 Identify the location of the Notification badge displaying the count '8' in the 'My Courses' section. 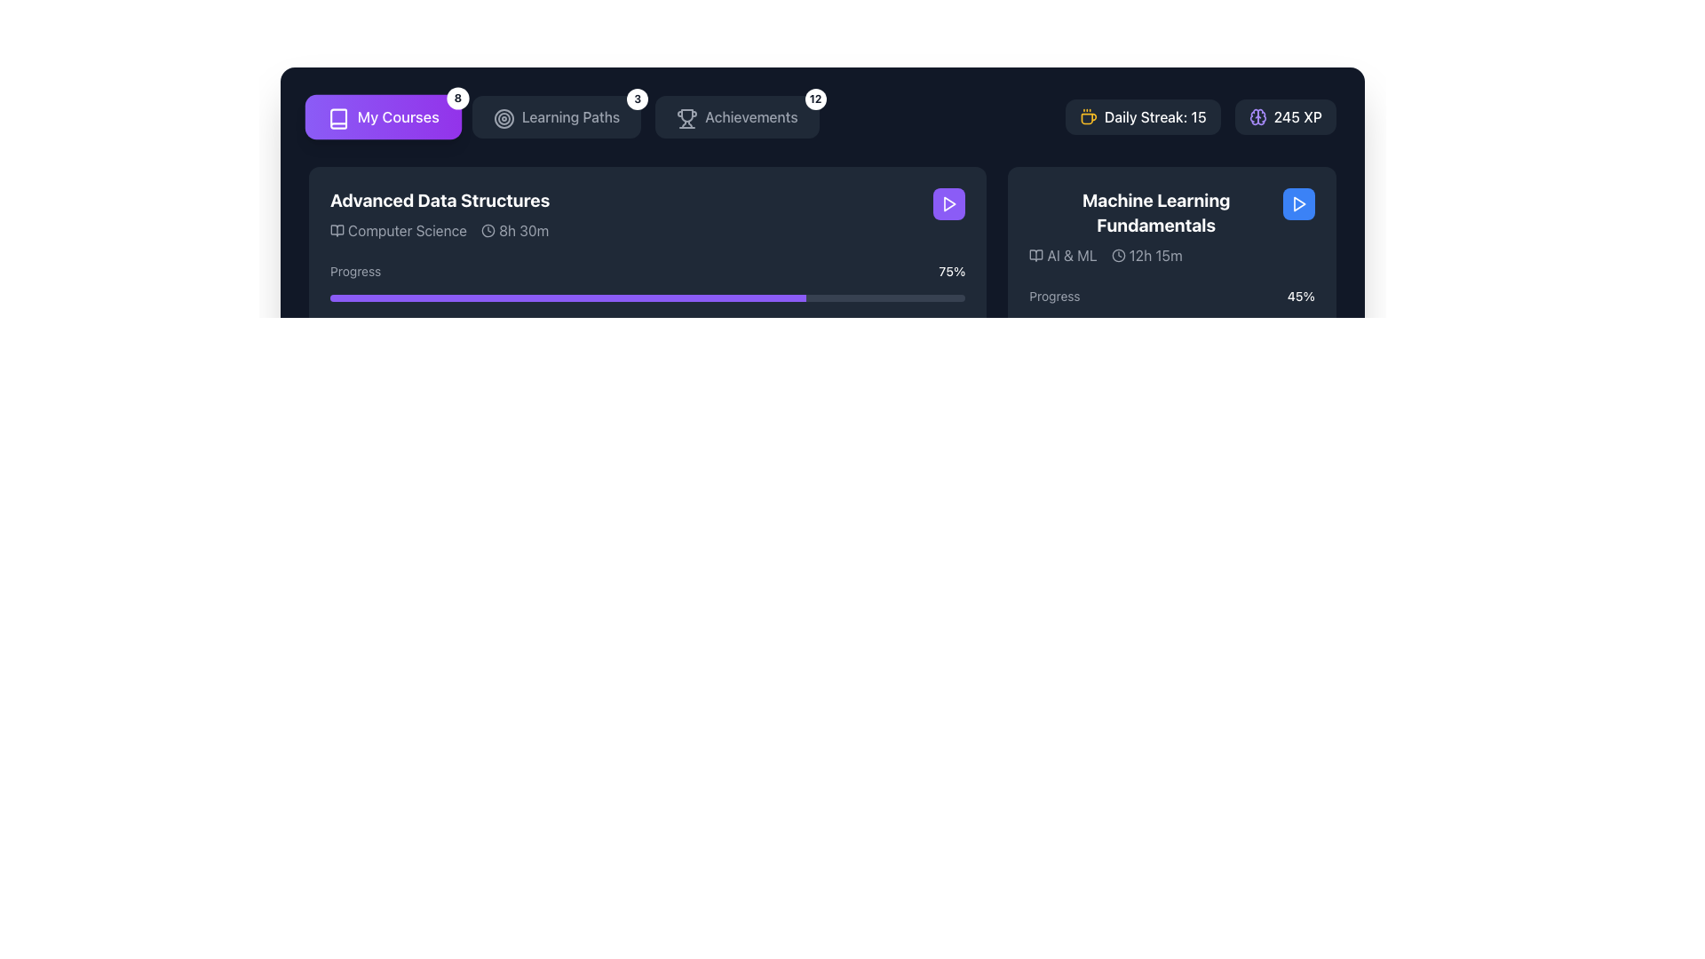
(457, 99).